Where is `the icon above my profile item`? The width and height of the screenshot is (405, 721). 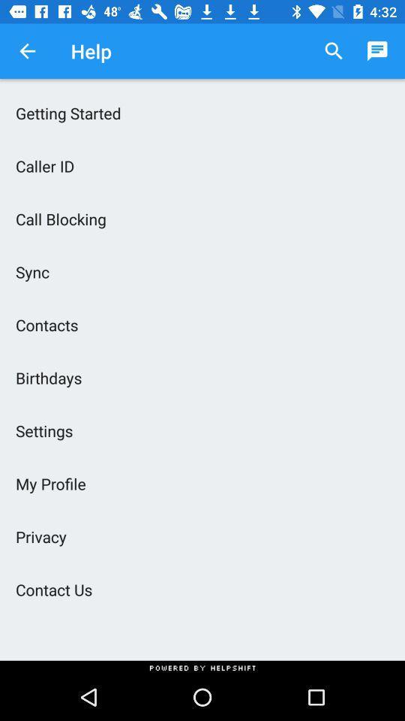 the icon above my profile item is located at coordinates (202, 430).